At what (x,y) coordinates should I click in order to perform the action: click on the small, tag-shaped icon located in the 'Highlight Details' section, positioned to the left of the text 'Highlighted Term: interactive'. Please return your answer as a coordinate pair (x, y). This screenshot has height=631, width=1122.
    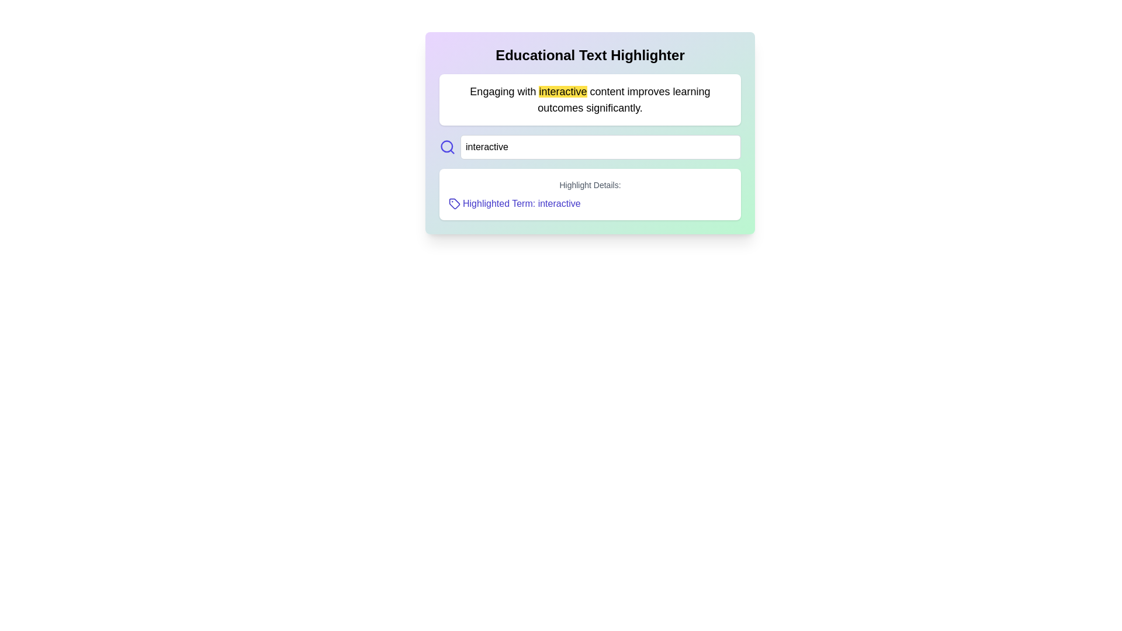
    Looking at the image, I should click on (453, 203).